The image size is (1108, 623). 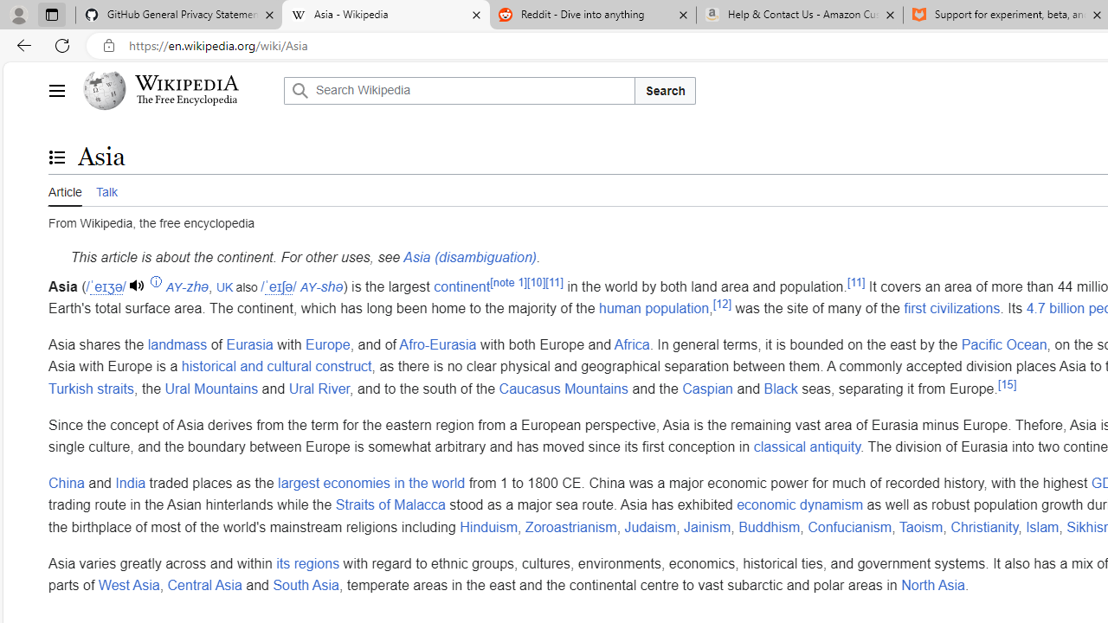 What do you see at coordinates (306, 585) in the screenshot?
I see `'South Asia'` at bounding box center [306, 585].